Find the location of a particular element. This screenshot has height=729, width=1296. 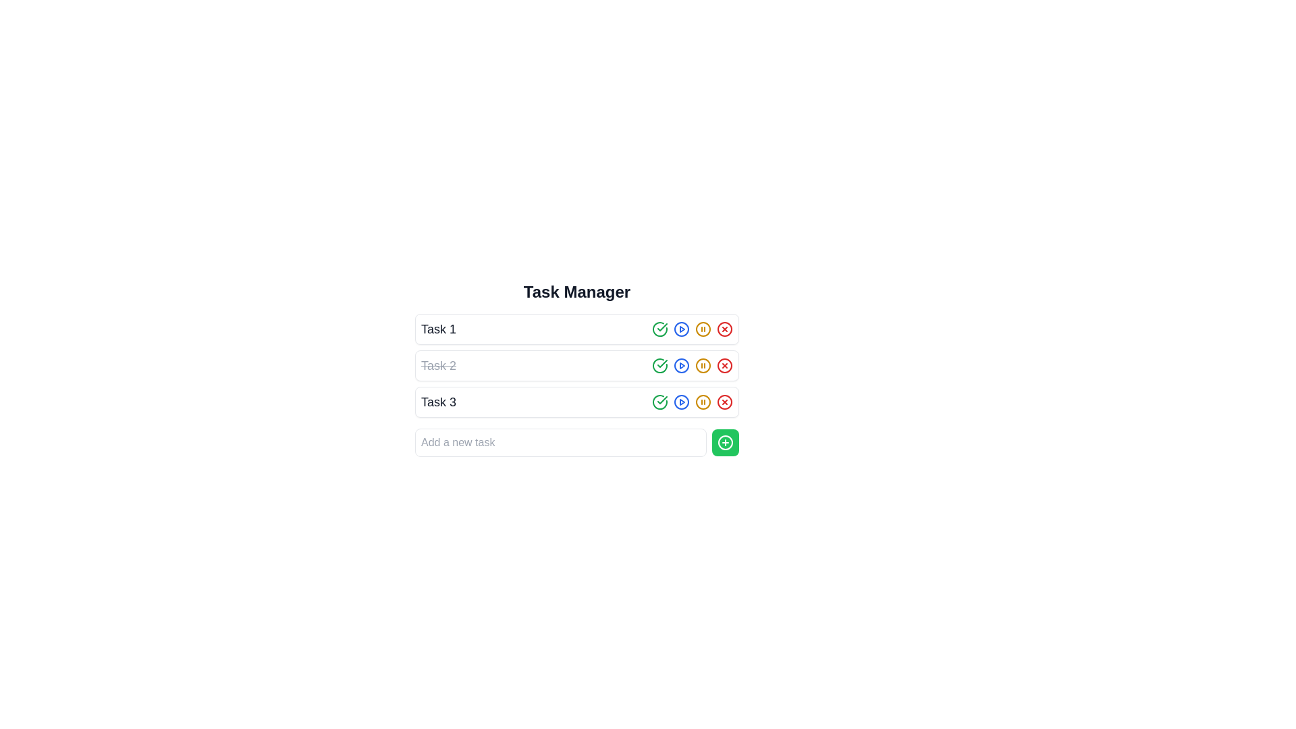

the pause button, which is the third icon in a horizontally arranged group of task control icons, visually represented by a yellow outlined circle with two vertical bars is located at coordinates (702, 329).